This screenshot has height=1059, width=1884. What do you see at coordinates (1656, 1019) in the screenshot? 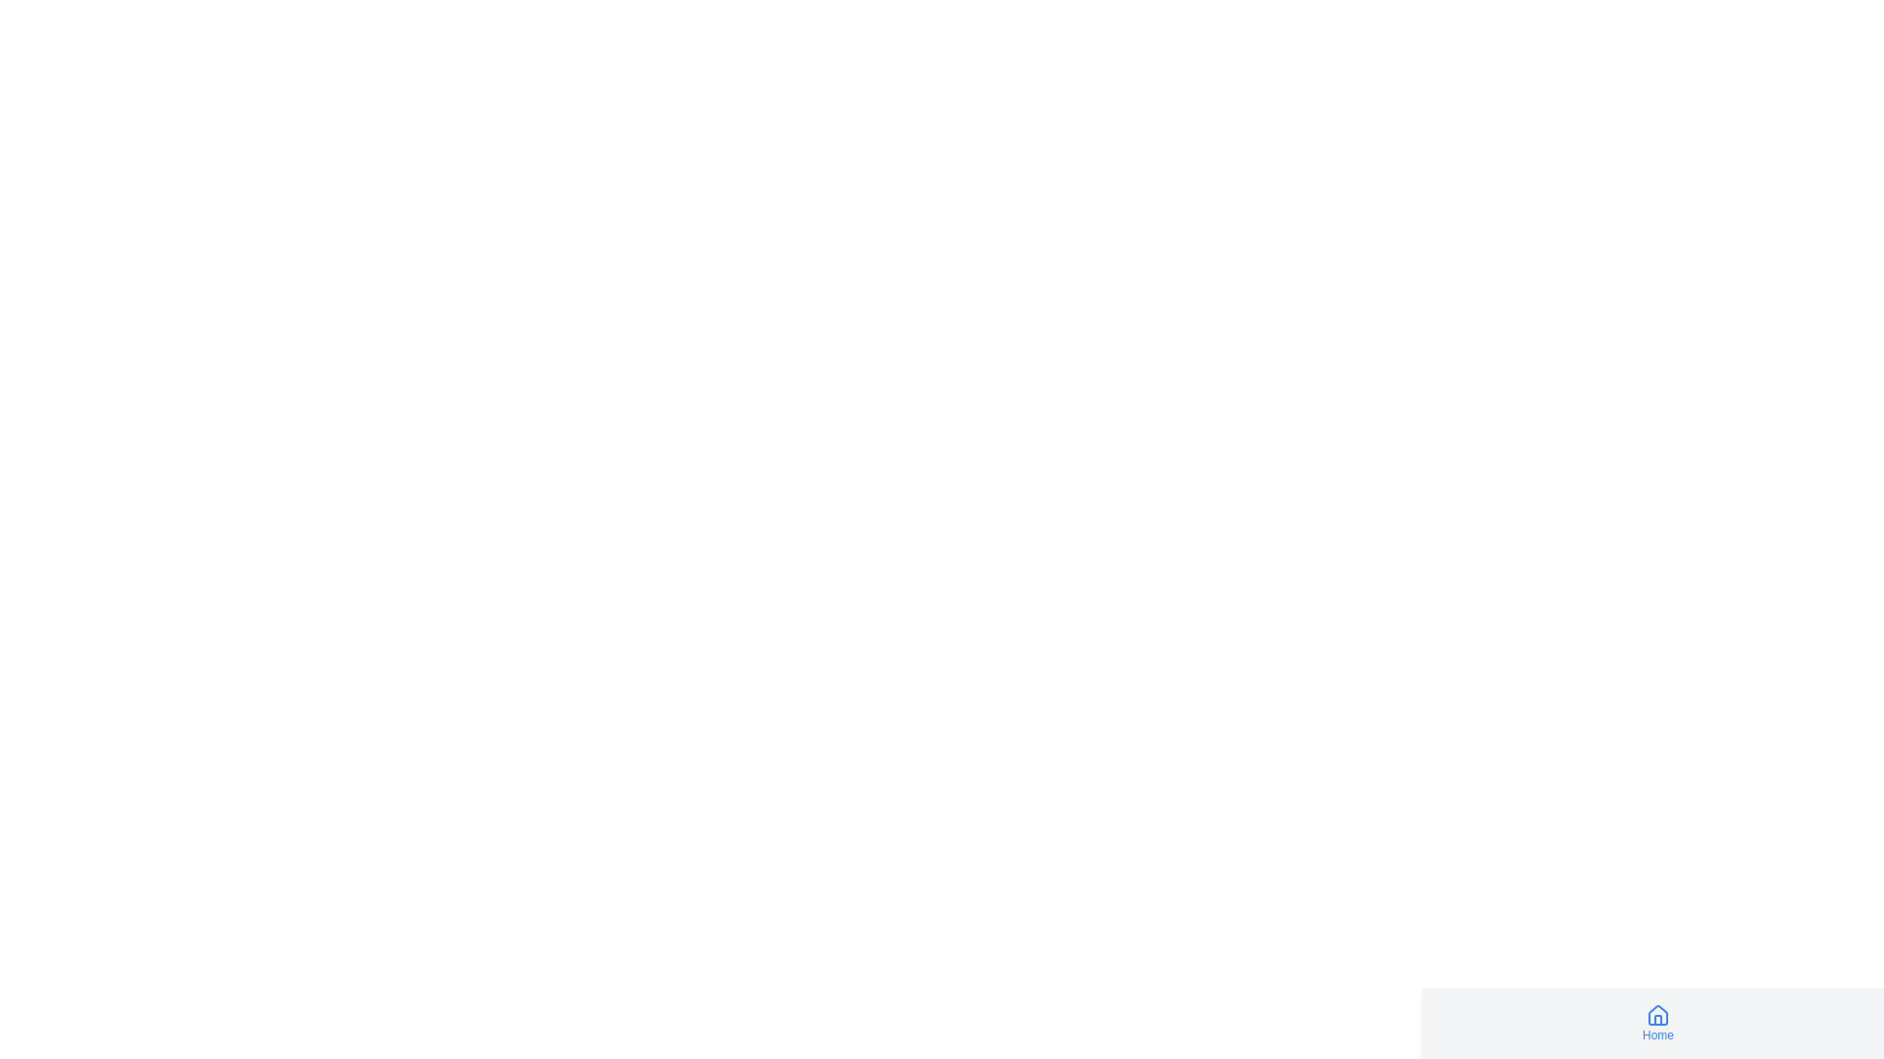
I see `the vertical rectangle of the house symbol in the navigation interface, which serves as a visual cue for the 'Home' button` at bounding box center [1656, 1019].